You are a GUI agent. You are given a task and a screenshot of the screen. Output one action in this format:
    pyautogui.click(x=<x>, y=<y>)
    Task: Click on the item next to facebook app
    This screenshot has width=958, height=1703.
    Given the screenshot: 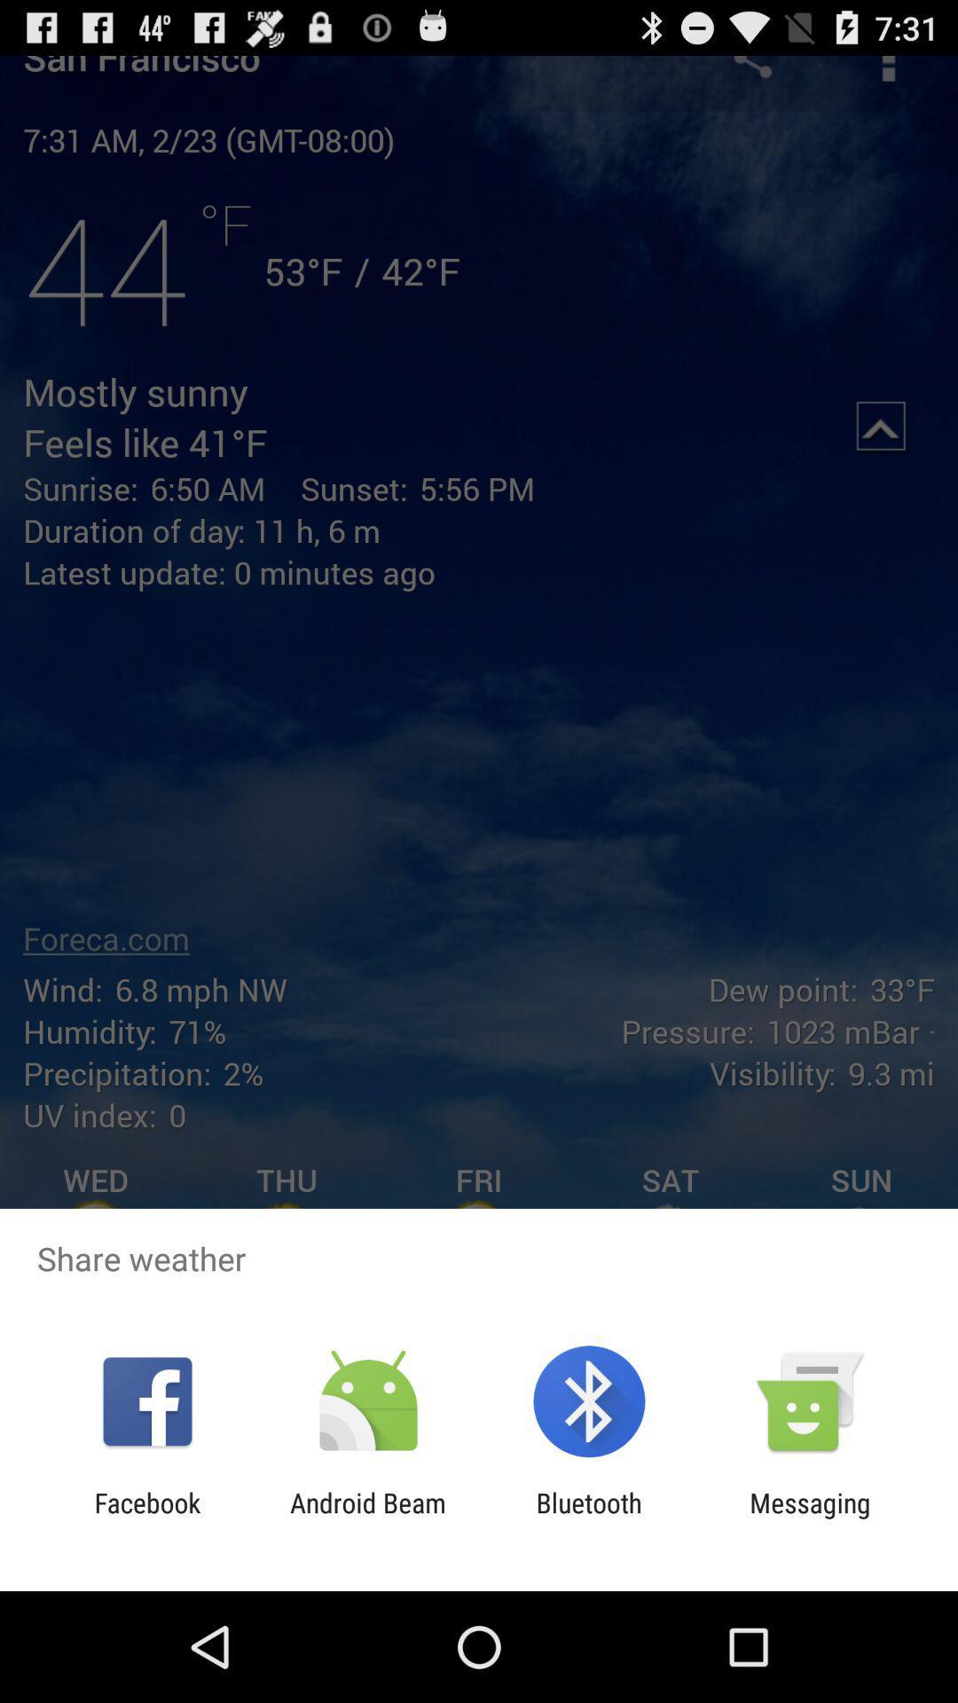 What is the action you would take?
    pyautogui.click(x=367, y=1518)
    